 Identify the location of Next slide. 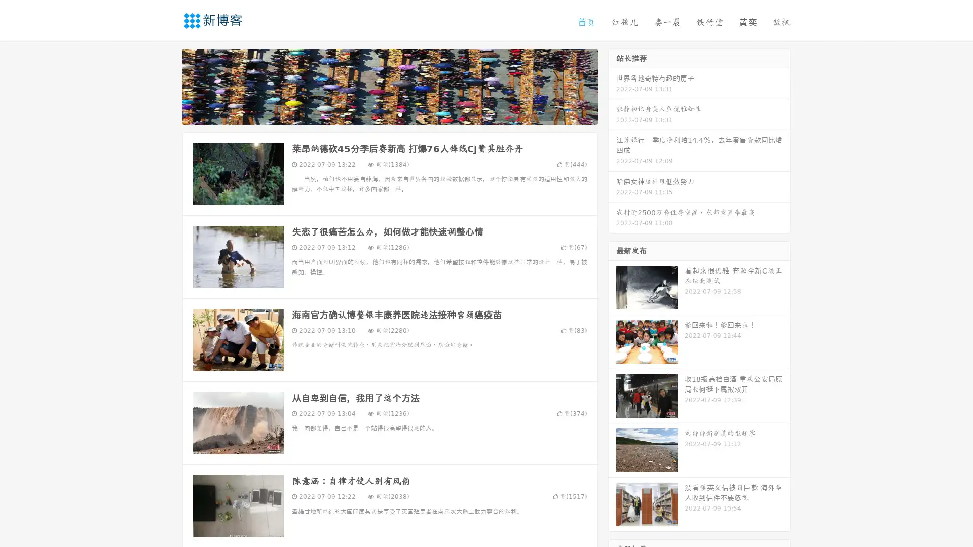
(612, 85).